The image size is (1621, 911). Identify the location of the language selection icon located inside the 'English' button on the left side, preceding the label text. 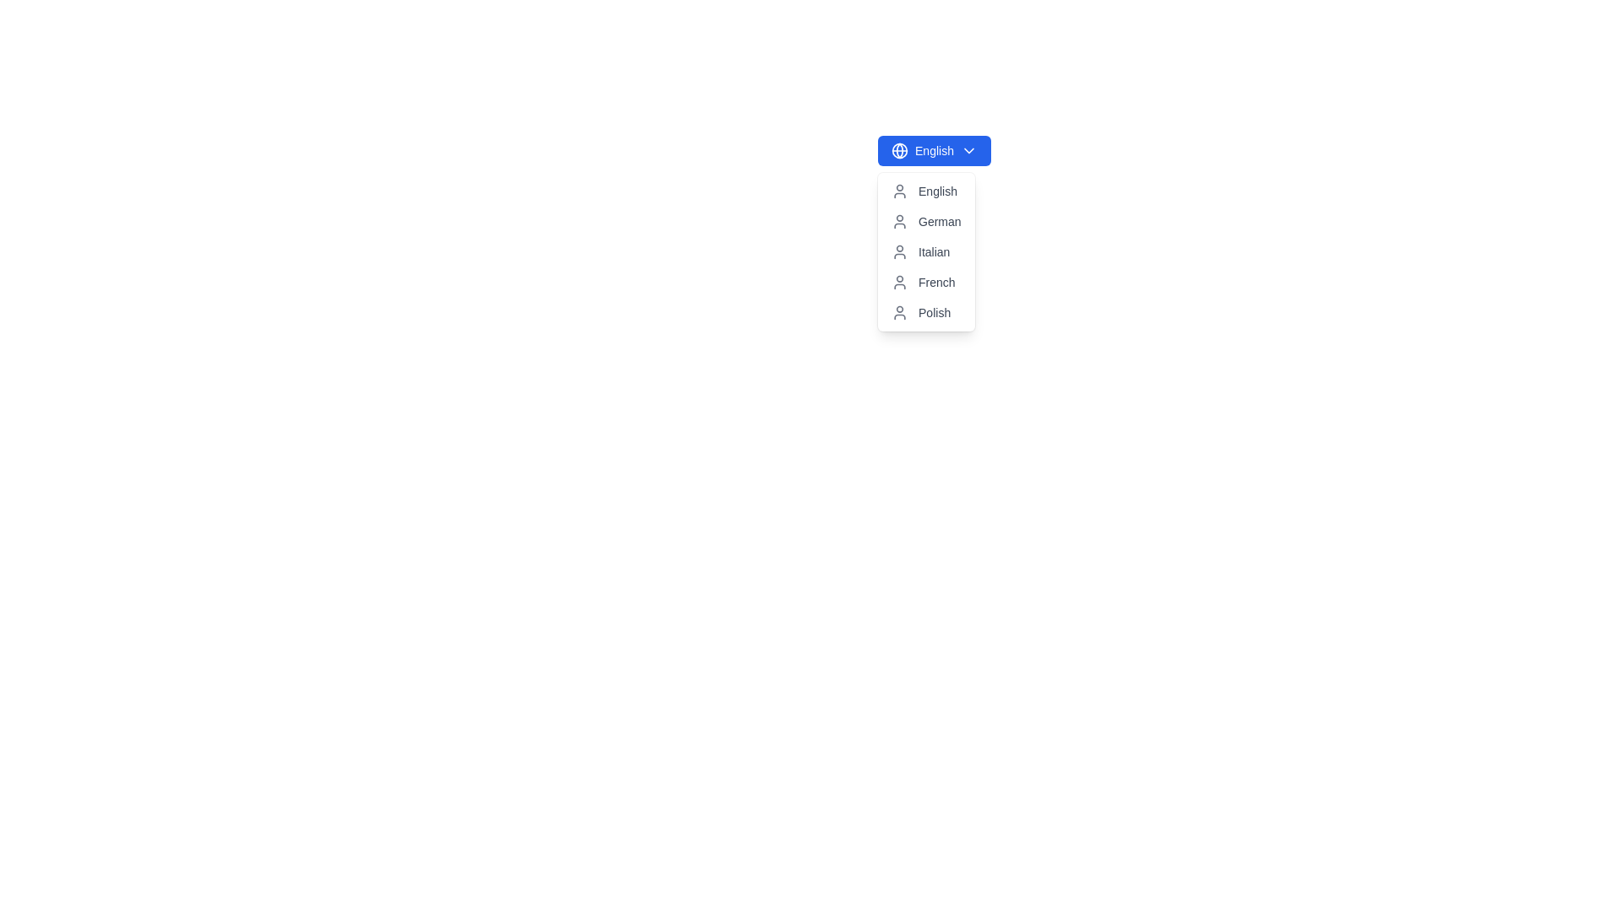
(898, 149).